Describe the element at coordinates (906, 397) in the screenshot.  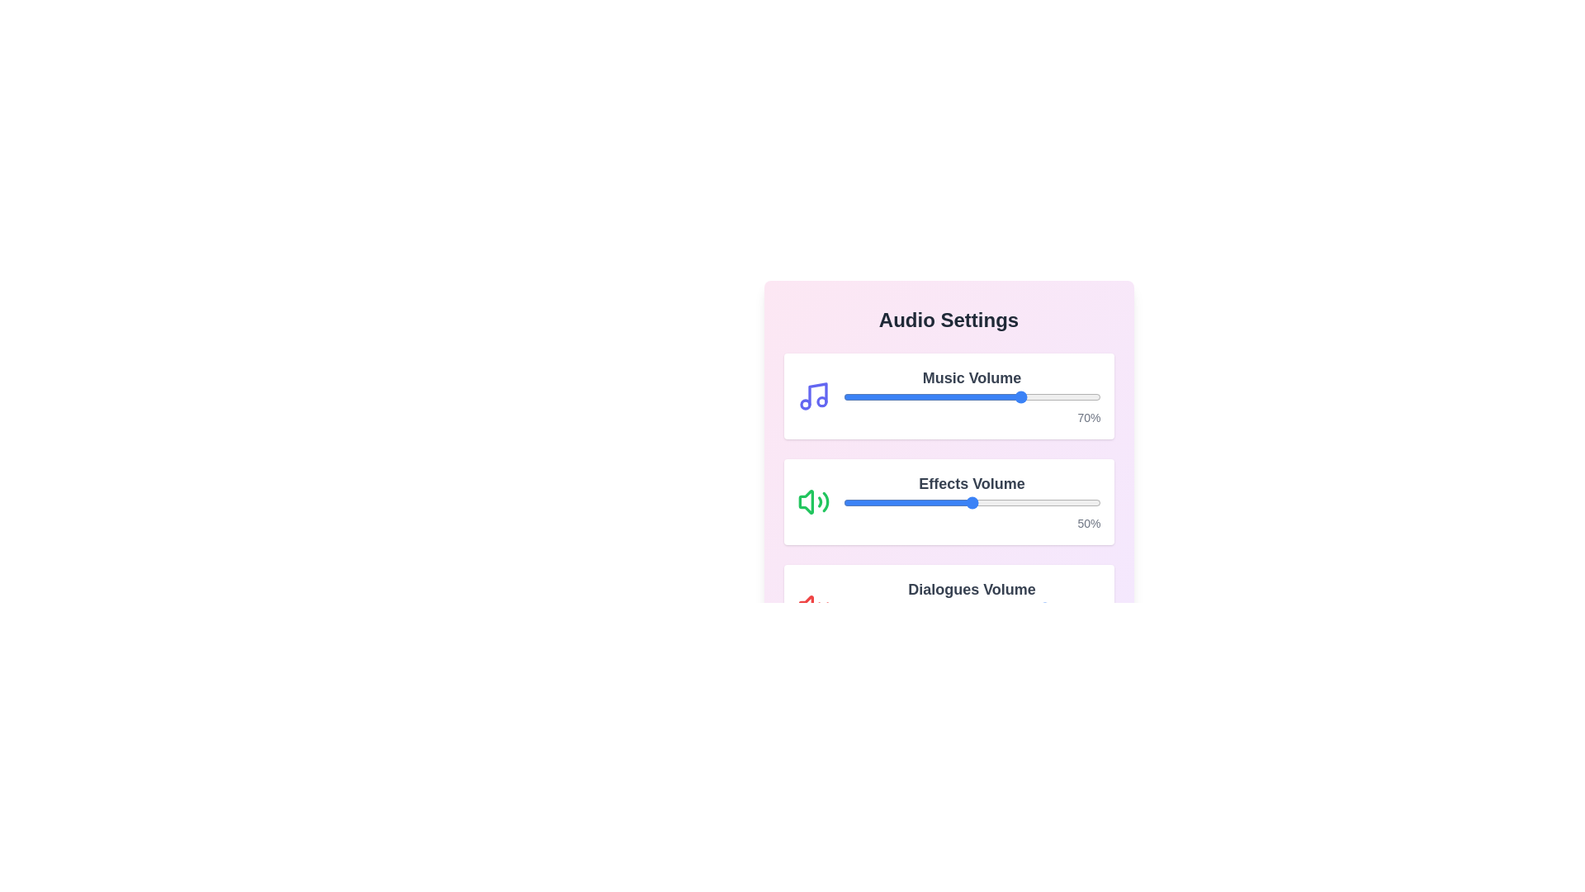
I see `the music volume slider to 25%` at that location.